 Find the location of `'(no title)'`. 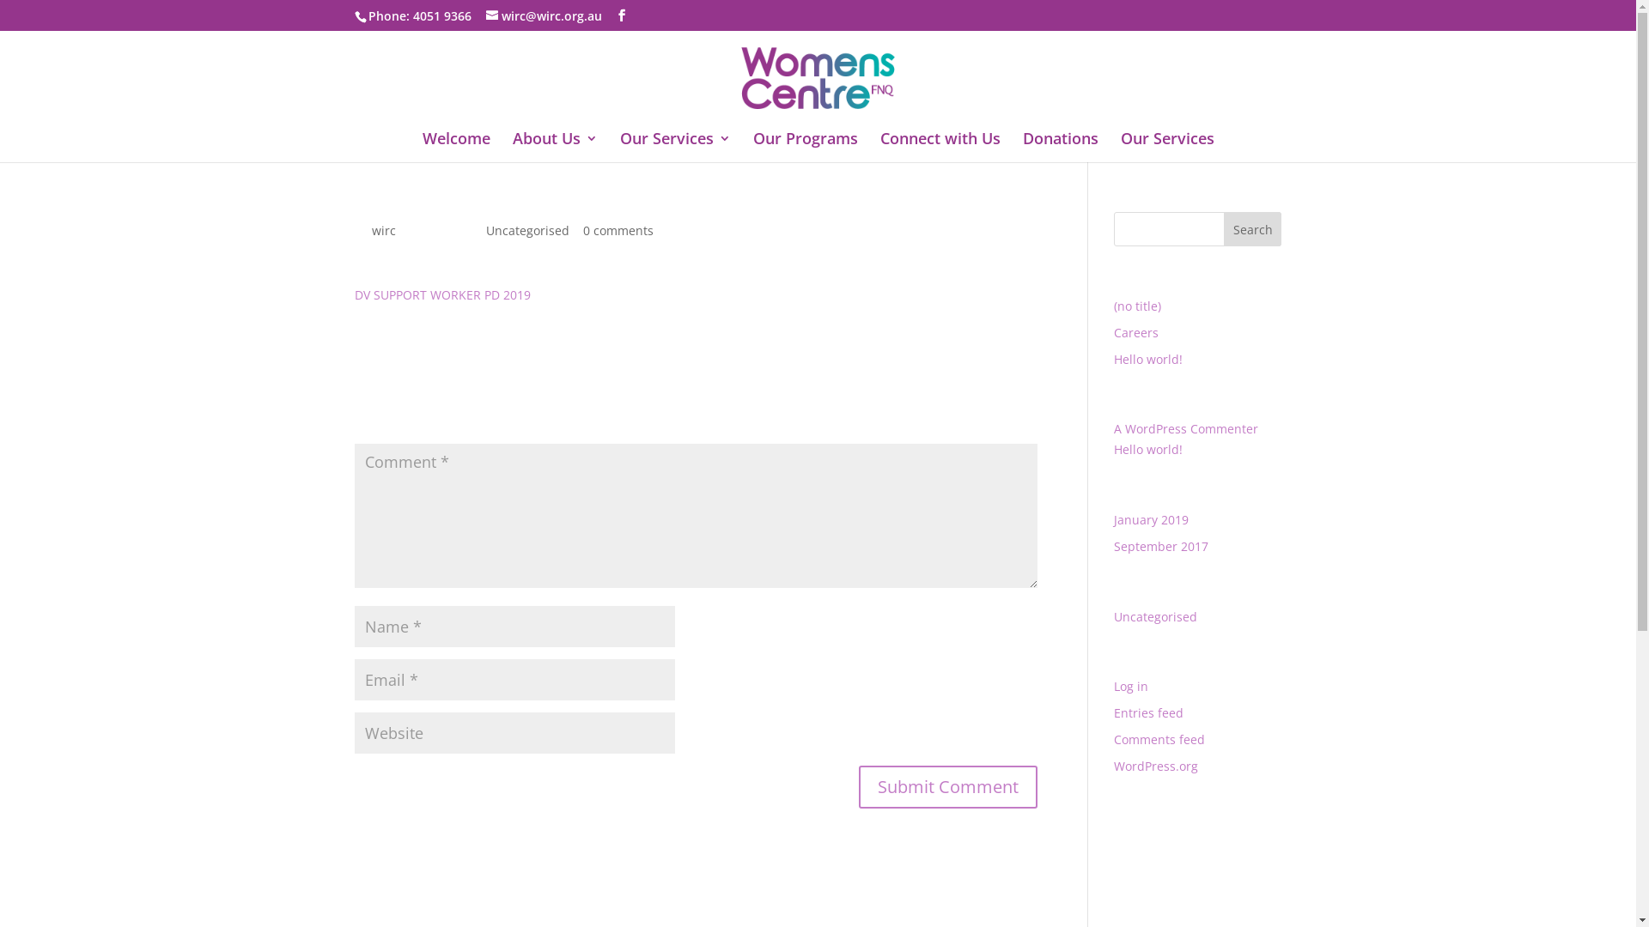

'(no title)' is located at coordinates (1137, 305).